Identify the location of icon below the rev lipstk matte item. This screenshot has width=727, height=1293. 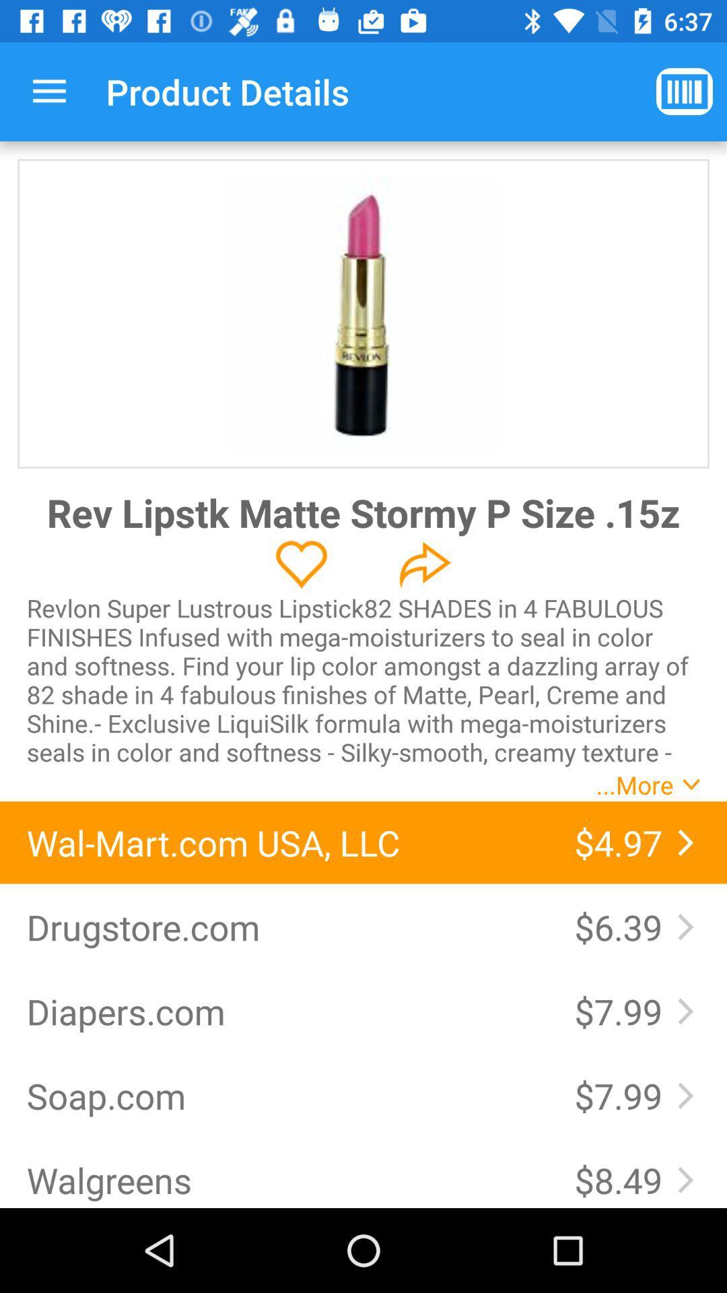
(301, 564).